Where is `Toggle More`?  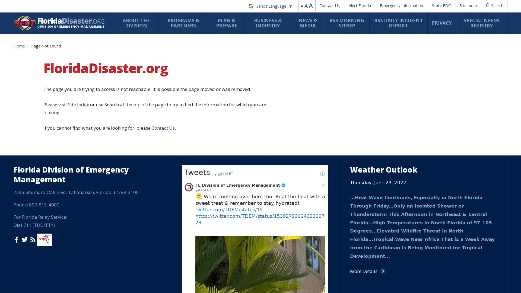 Toggle More is located at coordinates (217, 139).